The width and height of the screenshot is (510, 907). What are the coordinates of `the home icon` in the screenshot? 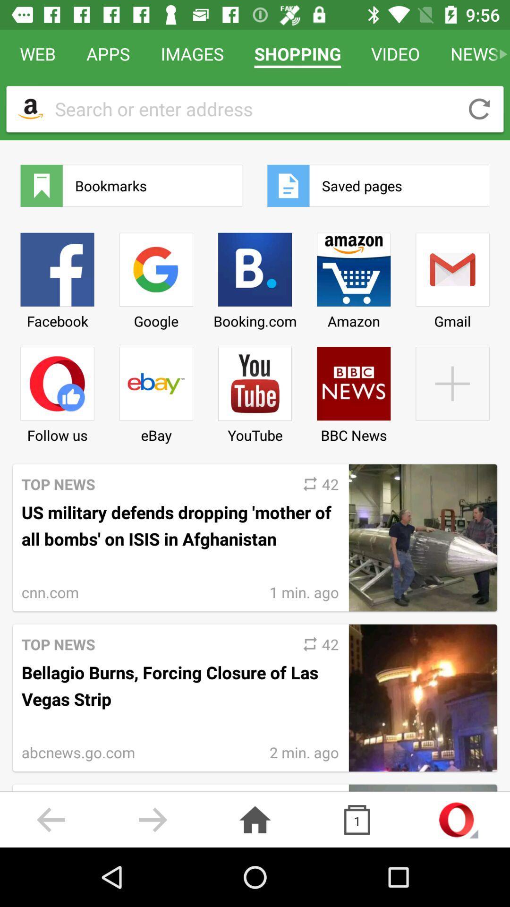 It's located at (255, 819).